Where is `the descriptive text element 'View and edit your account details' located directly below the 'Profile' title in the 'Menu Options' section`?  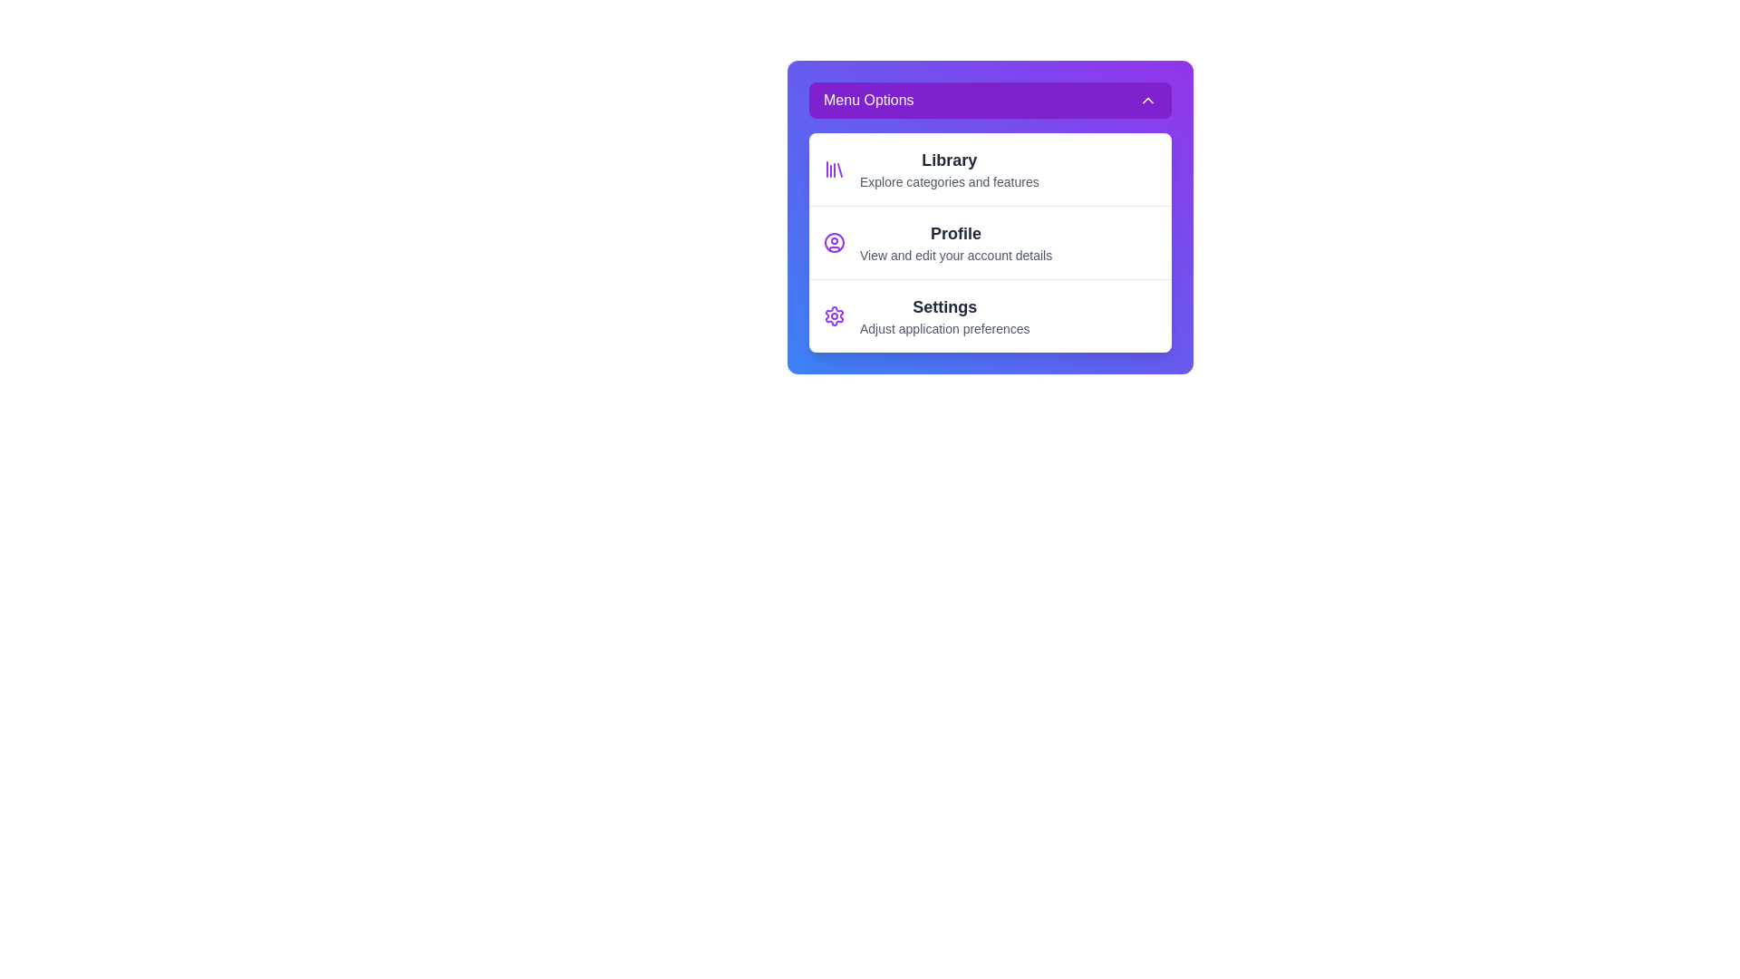
the descriptive text element 'View and edit your account details' located directly below the 'Profile' title in the 'Menu Options' section is located at coordinates (955, 255).